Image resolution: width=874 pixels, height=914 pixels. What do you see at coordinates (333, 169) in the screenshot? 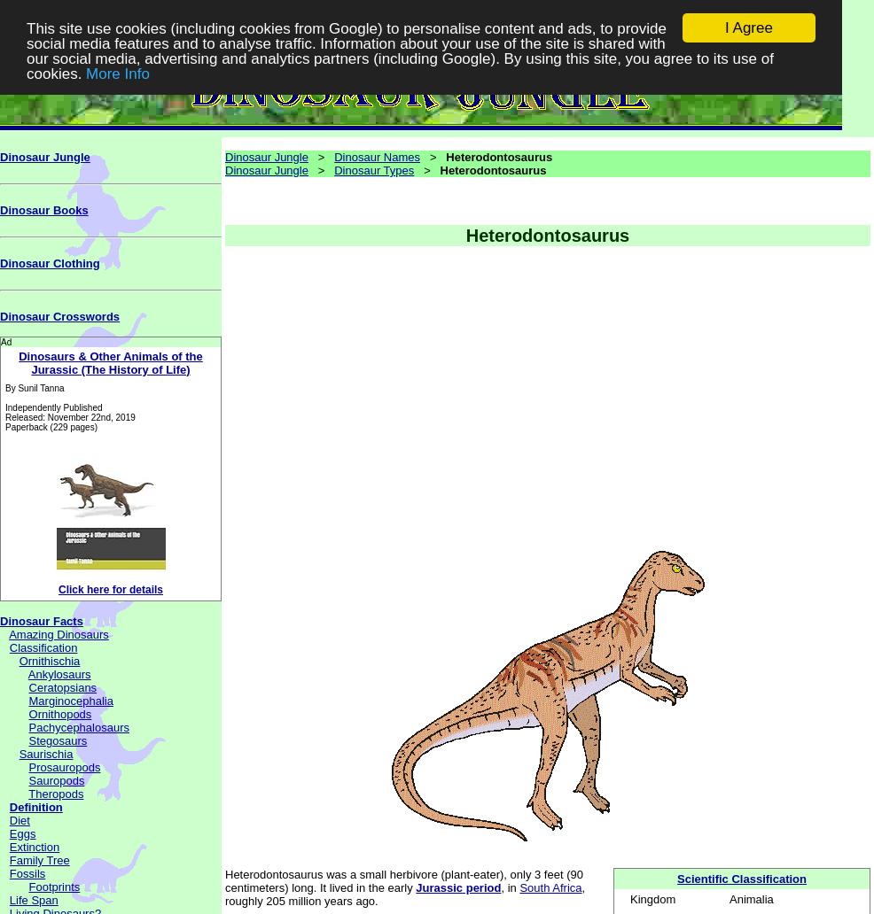
I see `'Dinosaur Types'` at bounding box center [333, 169].